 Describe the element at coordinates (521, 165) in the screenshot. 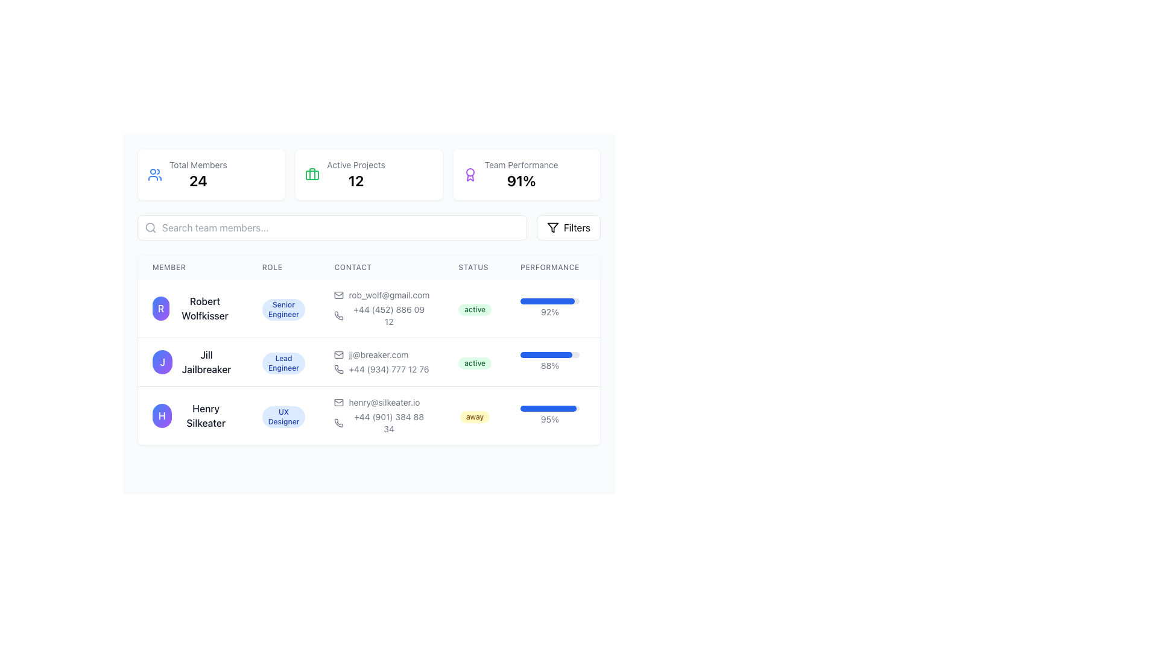

I see `the Text Label that describes the performance percentage displayed below it, located above '91%' in the top-right section of the interface` at that location.